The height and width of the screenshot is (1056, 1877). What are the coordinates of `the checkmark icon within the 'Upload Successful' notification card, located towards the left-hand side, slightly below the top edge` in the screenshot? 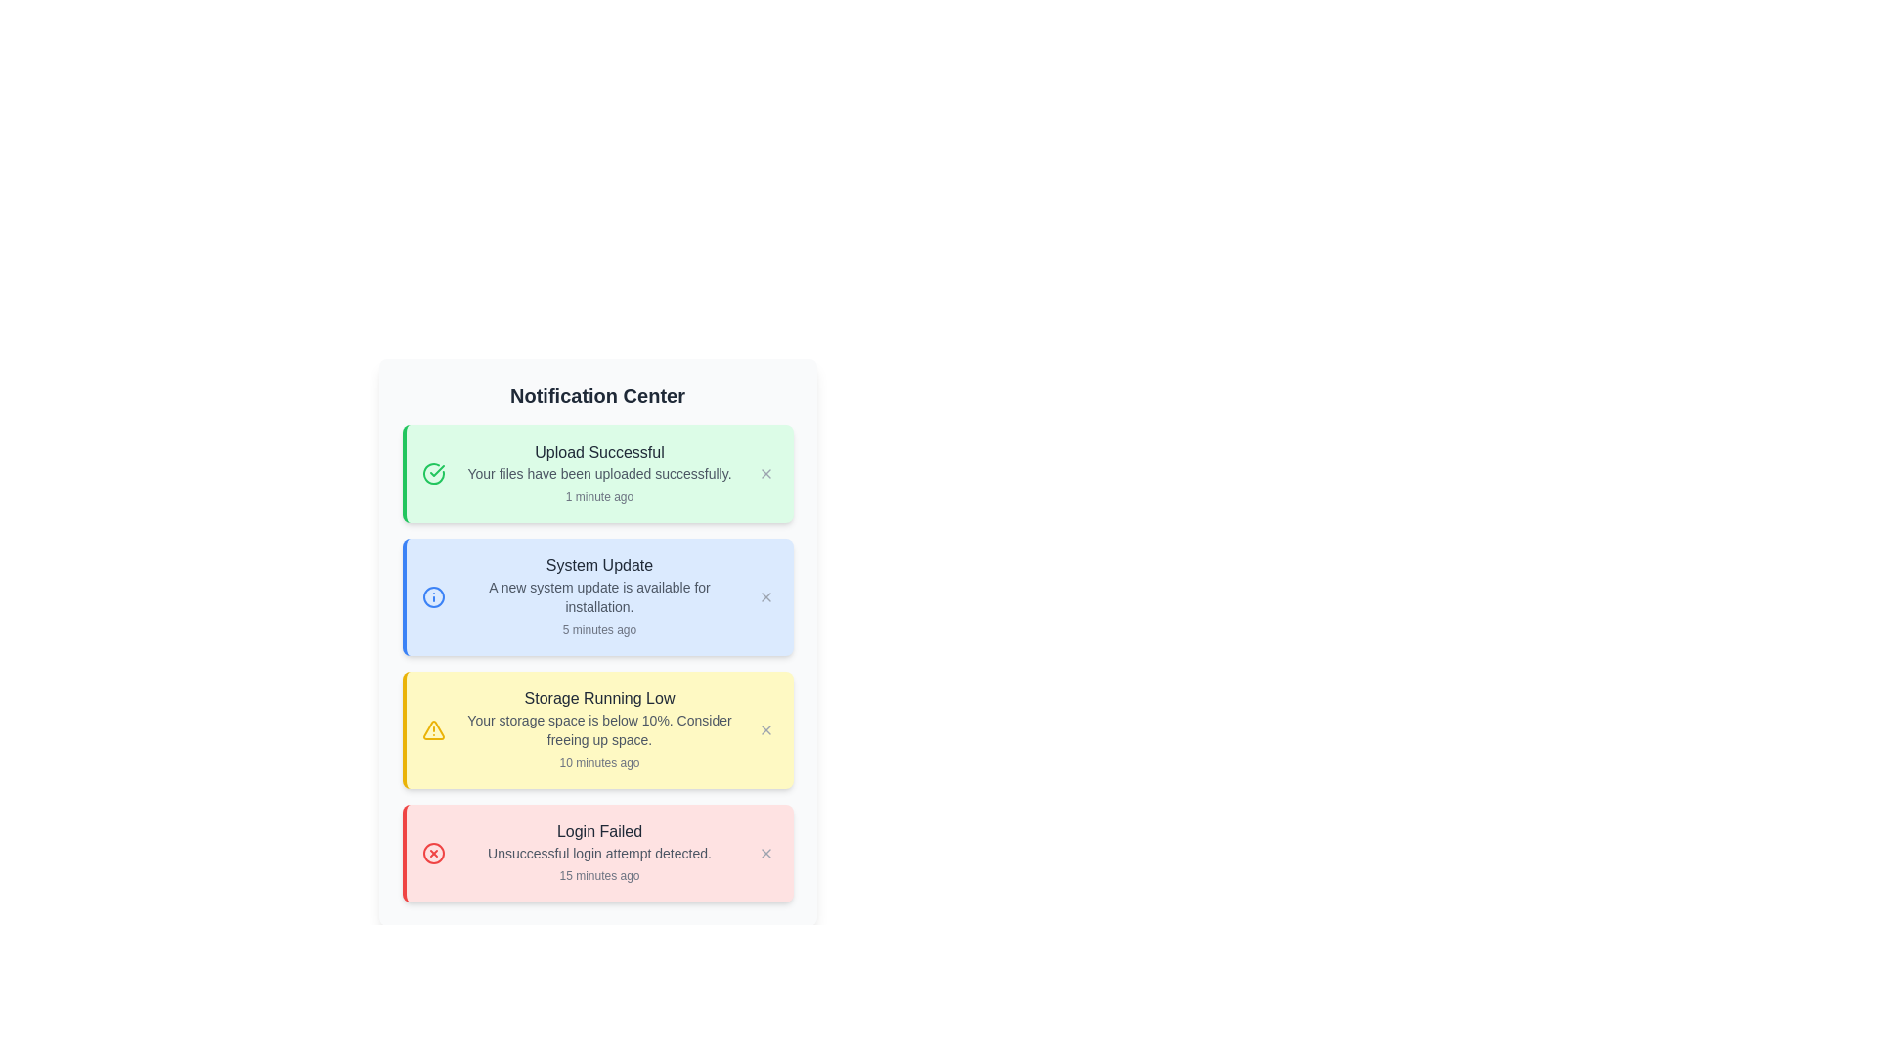 It's located at (435, 471).